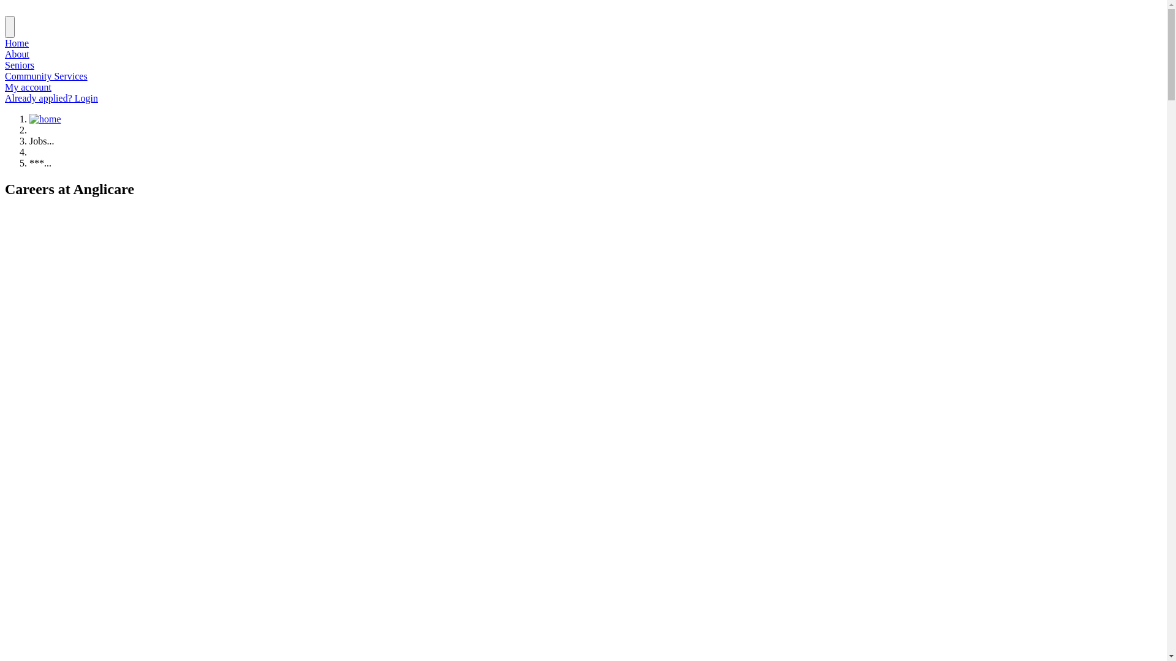 Image resolution: width=1176 pixels, height=661 pixels. Describe the element at coordinates (17, 42) in the screenshot. I see `'Home'` at that location.